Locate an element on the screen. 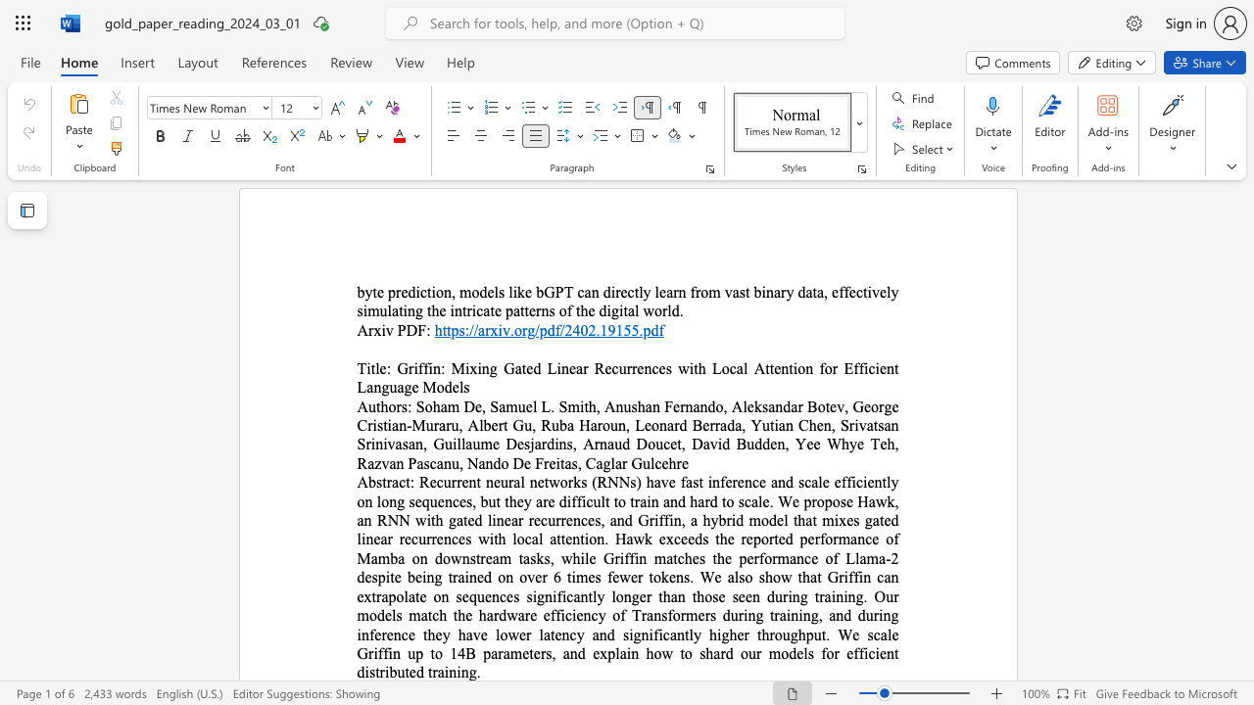 This screenshot has height=705, width=1254. the subset text "hard our models for efficient distributed training." within the text "Recurrent neural networks (RNNs) have fast inference and scale efficiently on long sequences, but they are difficult to train and hard to scale. We propose Hawk, an RNN with gated linear recurrences, and Griffin, a hybrid model that mixes gated linear recurrences with local attention. Hawk exceeds the reported performance of Mamba on downstream tasks, while Griffin matches the performance of Llama-2 despite being trained on over 6 times fewer tokens. We also show that Griffin can extrapolate on sequences significantly longer than those seen during training. Our models match the hardware efficiency of Transformers during training, and during inference they have lower latency and significantly higher throughput. We scale Griffin up to 14B parameters, and explain how to shard our models for efficient distributed training." is located at coordinates (705, 653).